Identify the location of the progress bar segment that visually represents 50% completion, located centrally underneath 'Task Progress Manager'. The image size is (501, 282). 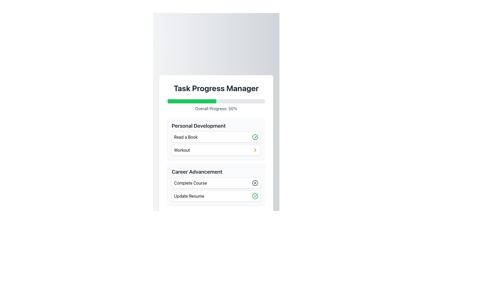
(192, 101).